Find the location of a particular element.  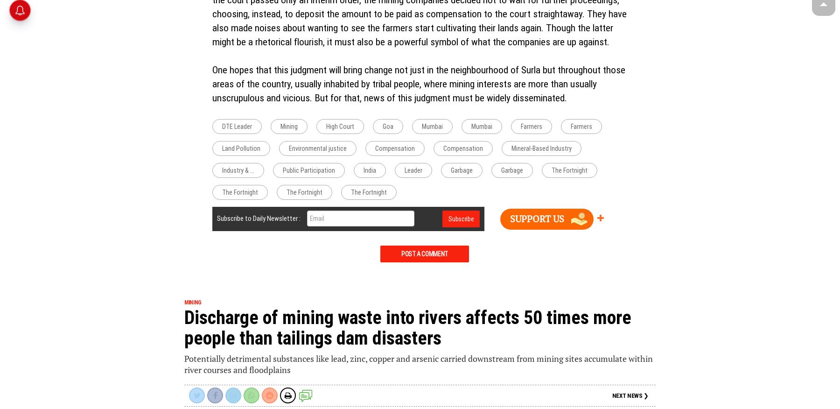

'Leader' is located at coordinates (413, 170).